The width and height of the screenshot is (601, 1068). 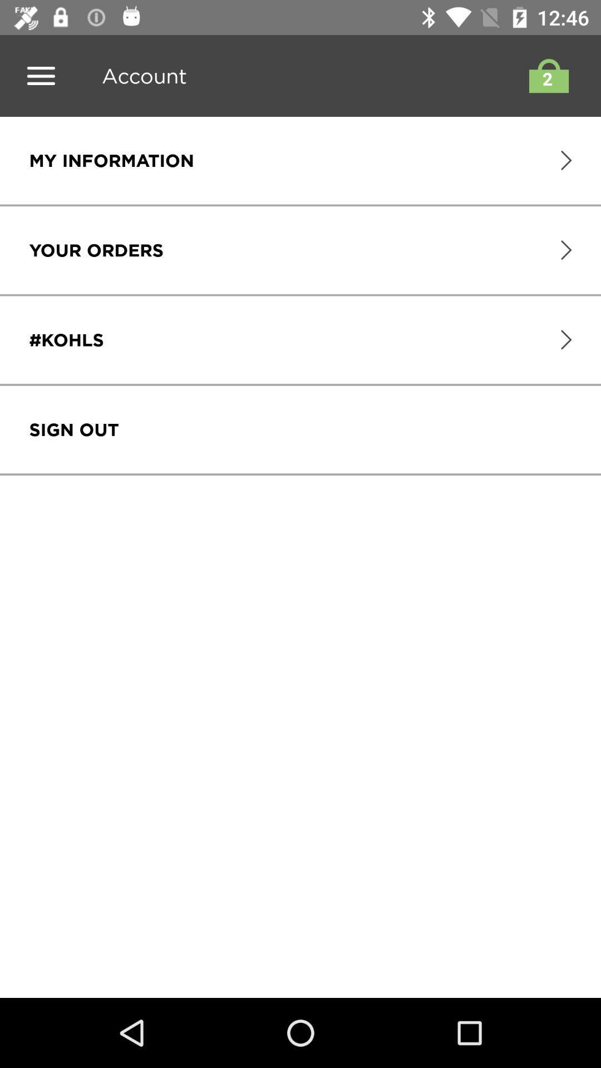 I want to click on icon above the sign out item, so click(x=66, y=339).